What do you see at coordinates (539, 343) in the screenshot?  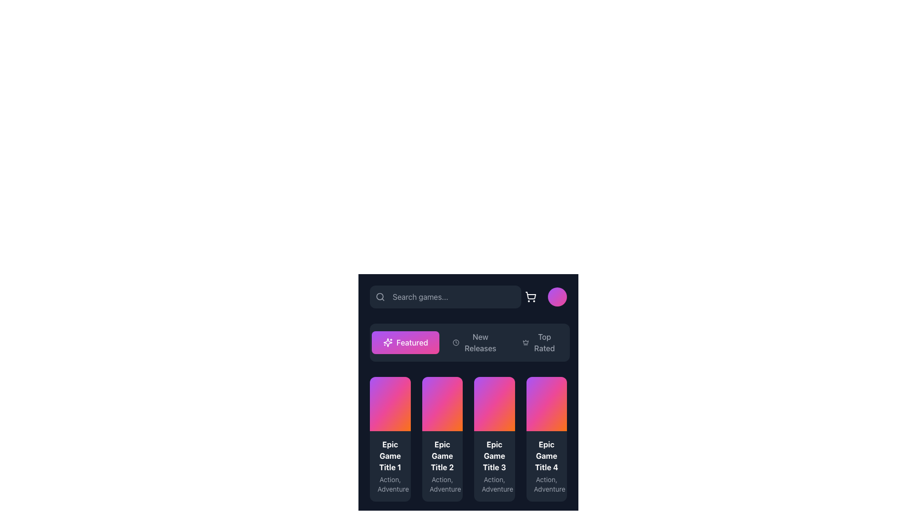 I see `the 'Top Rated' button` at bounding box center [539, 343].